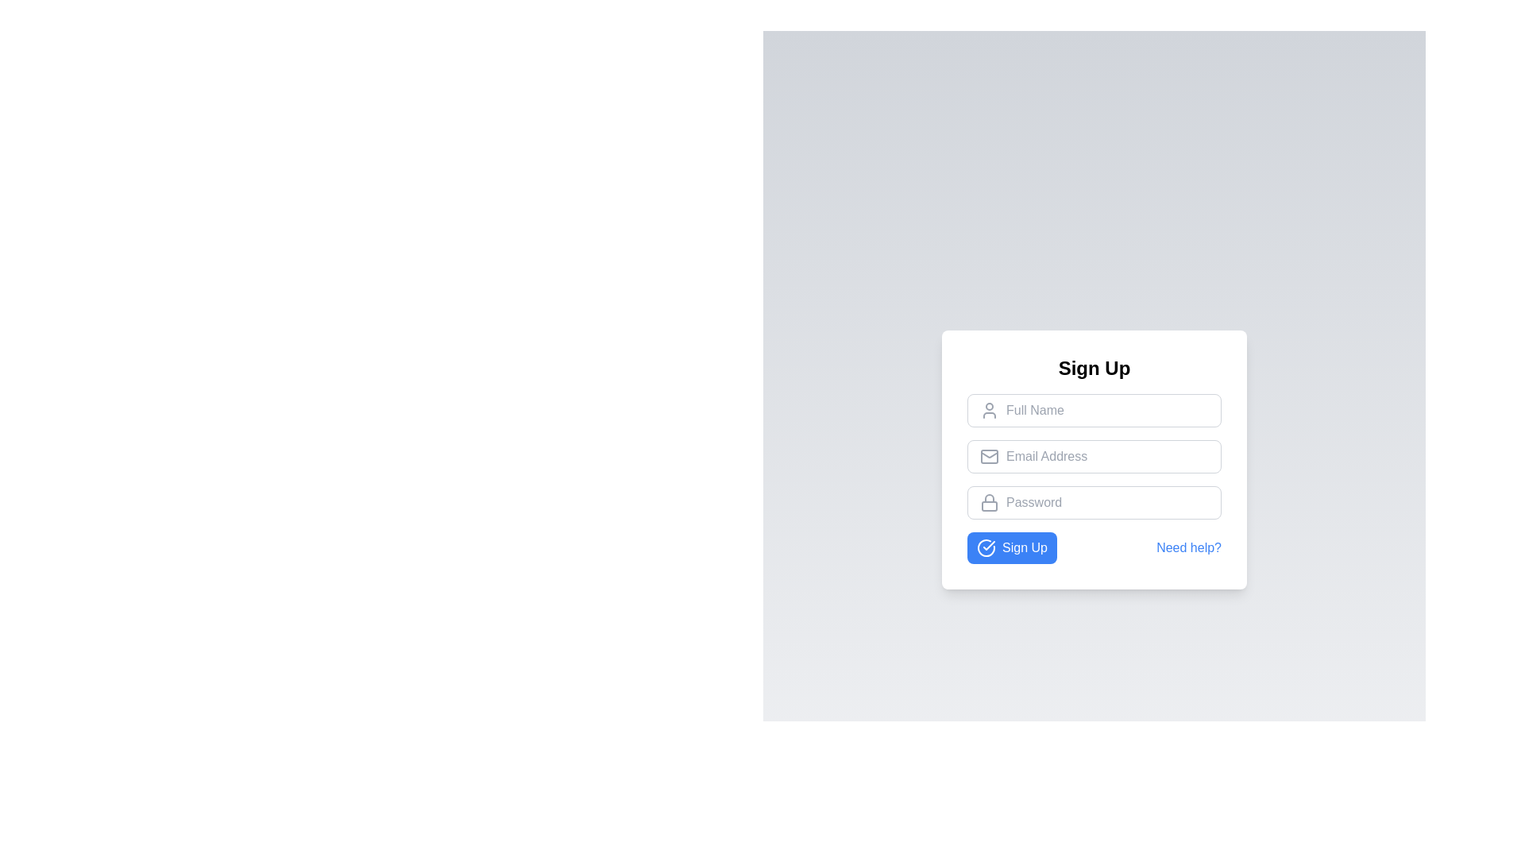  What do you see at coordinates (1189, 547) in the screenshot?
I see `the hyperlink located at the bottom-right of the sign-up form` at bounding box center [1189, 547].